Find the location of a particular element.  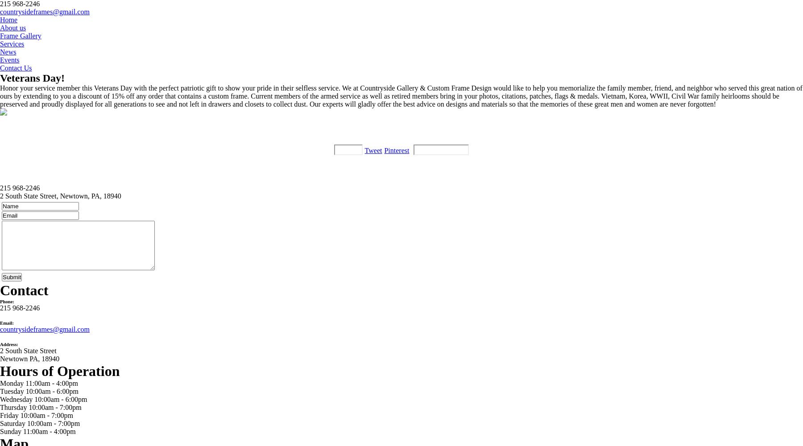

'Sunday 11:00am - 4:00pm' is located at coordinates (37, 431).